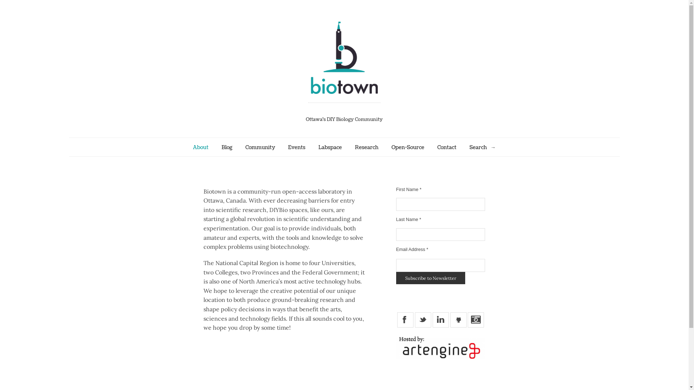 This screenshot has height=390, width=694. Describe the element at coordinates (446, 147) in the screenshot. I see `'Contact'` at that location.